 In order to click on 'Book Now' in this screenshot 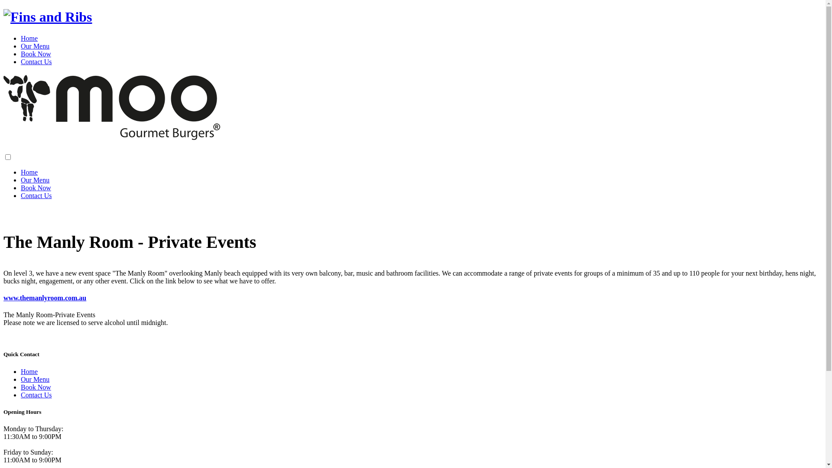, I will do `click(35, 387)`.